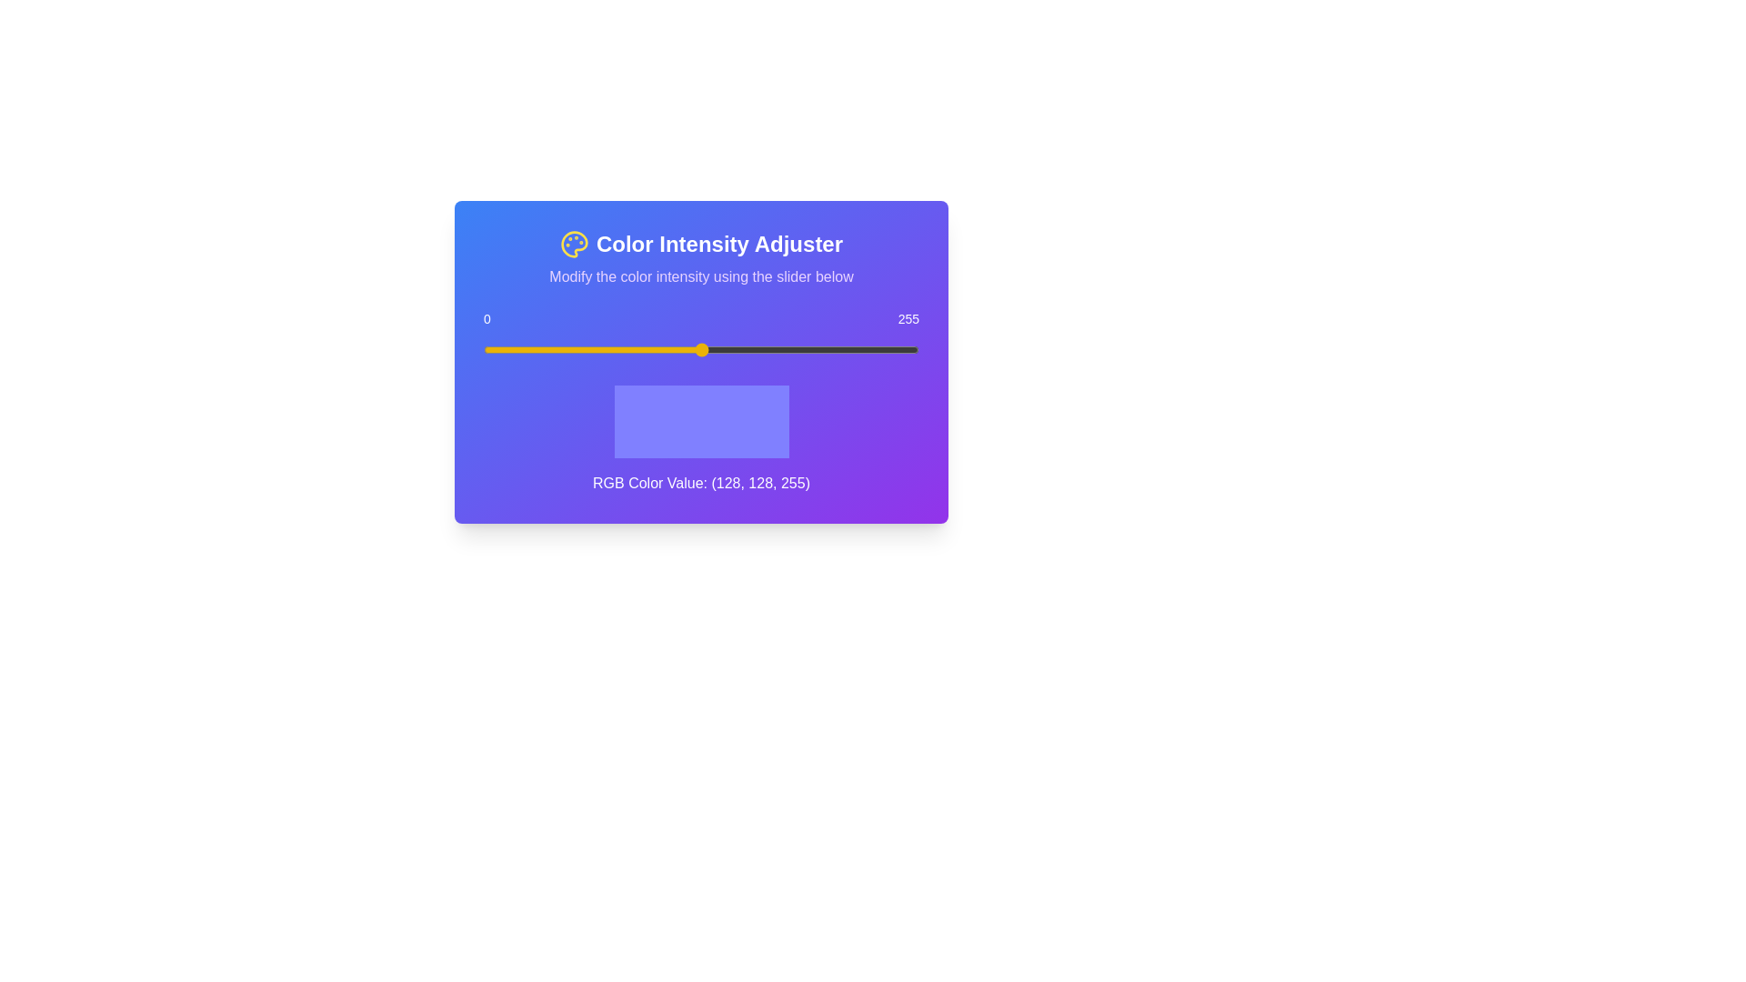 The height and width of the screenshot is (982, 1746). Describe the element at coordinates (697, 350) in the screenshot. I see `the slider to set the color intensity to 126` at that location.